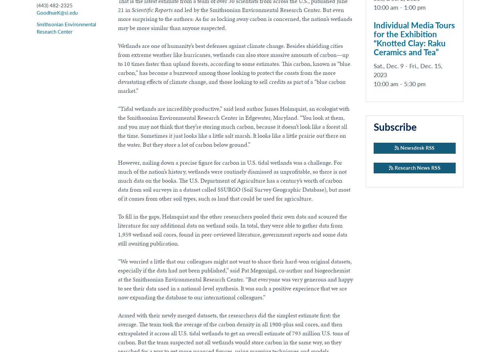 The image size is (500, 352). I want to click on 'Research News RSS', so click(416, 168).